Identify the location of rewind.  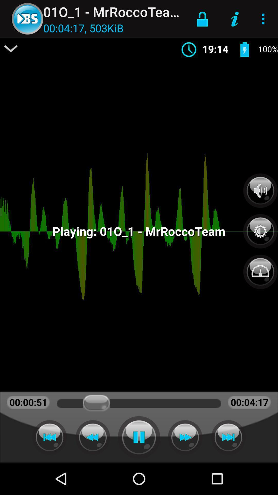
(93, 437).